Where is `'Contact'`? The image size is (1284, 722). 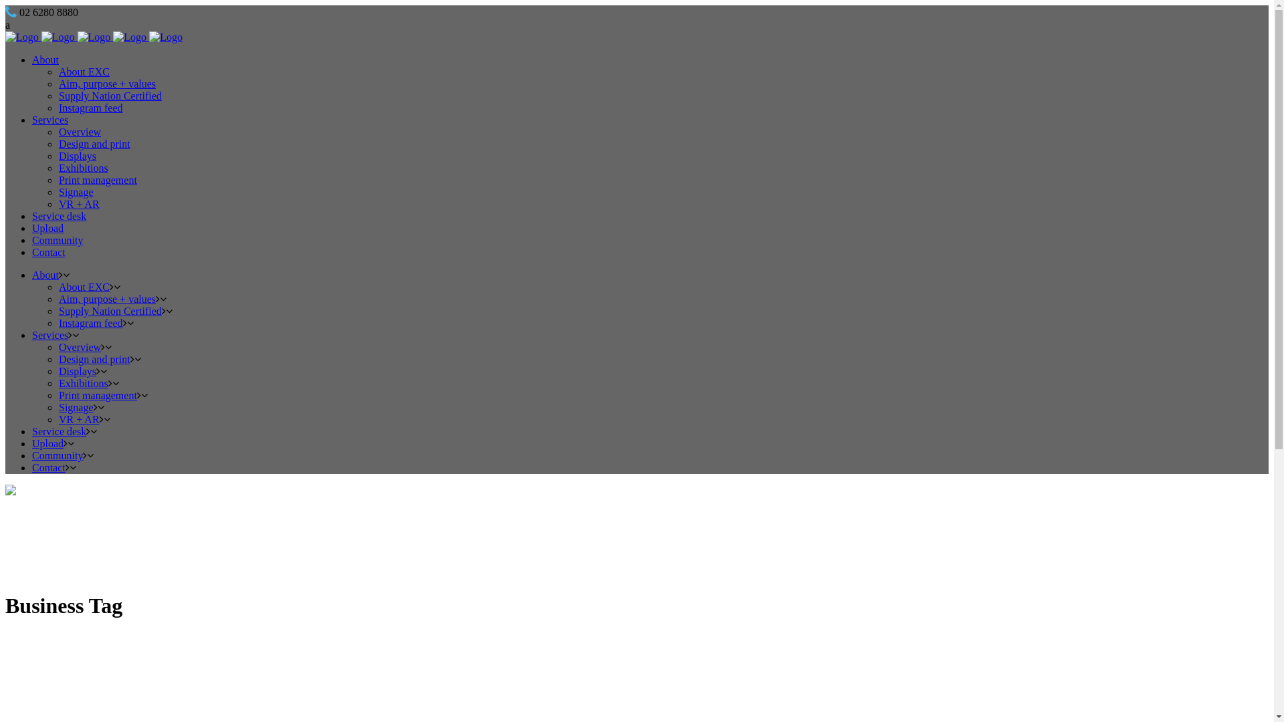
'Contact' is located at coordinates (32, 252).